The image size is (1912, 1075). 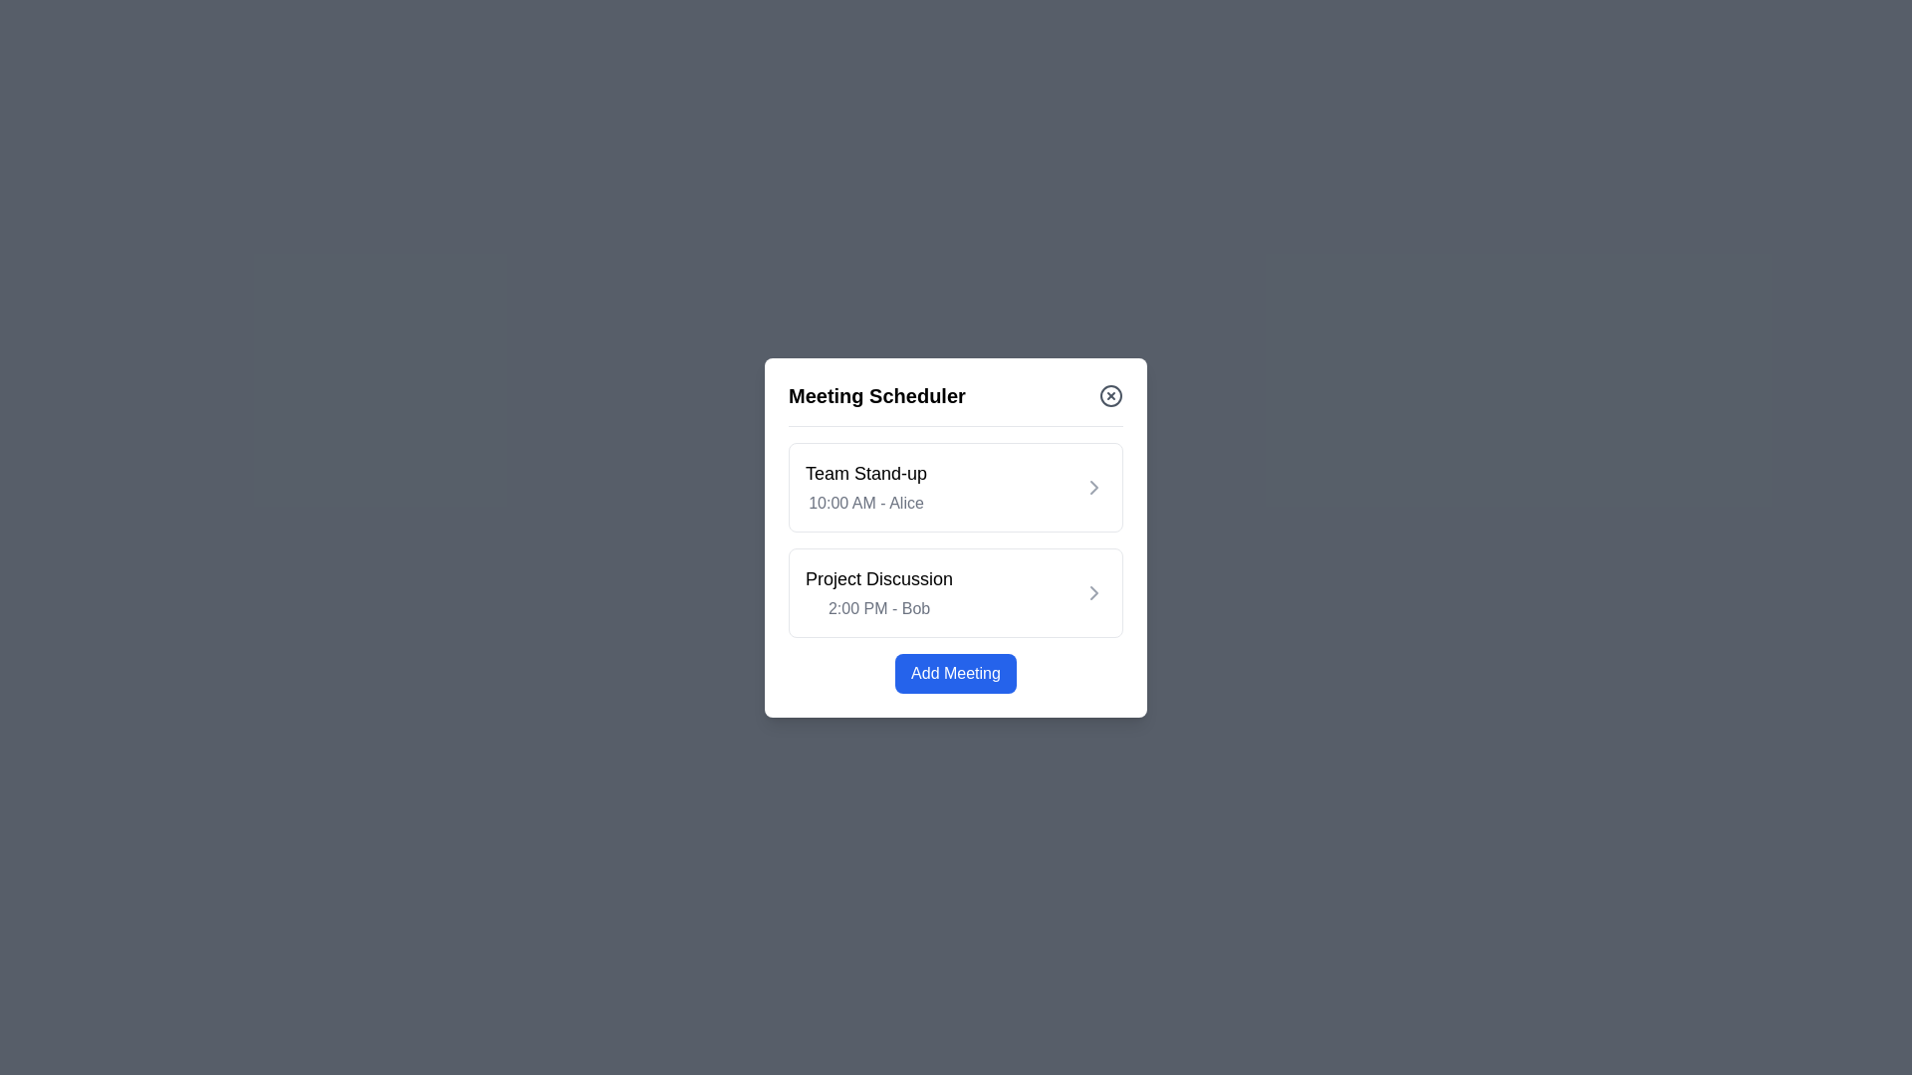 What do you see at coordinates (1093, 590) in the screenshot?
I see `the chevron arrow SVG graphic icon located to the right of the 'Project Discussion' entry, which is vertically centered along the second meeting entry in the list` at bounding box center [1093, 590].